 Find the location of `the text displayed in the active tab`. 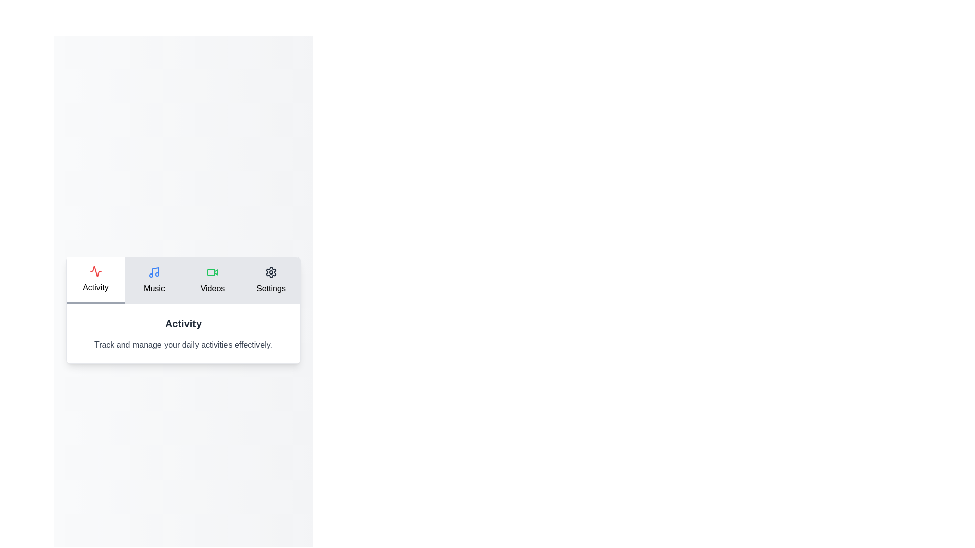

the text displayed in the active tab is located at coordinates (183, 333).